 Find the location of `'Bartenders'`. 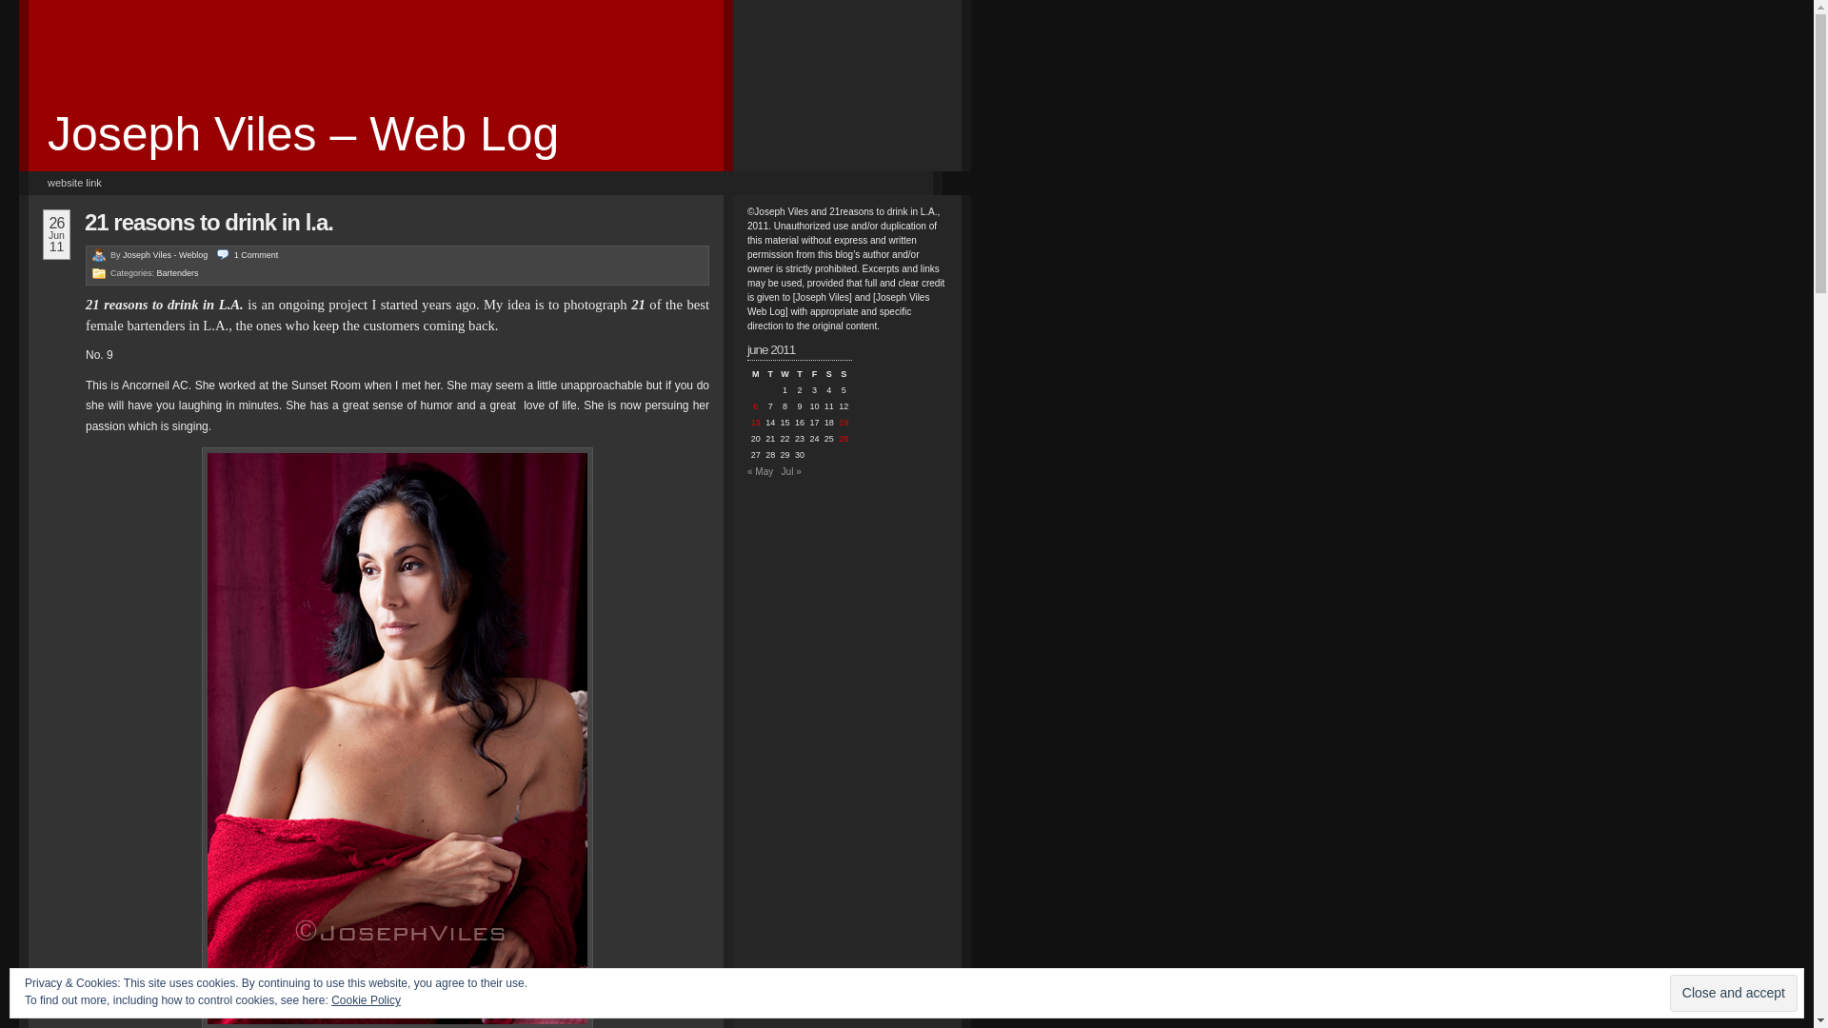

'Bartenders' is located at coordinates (178, 272).